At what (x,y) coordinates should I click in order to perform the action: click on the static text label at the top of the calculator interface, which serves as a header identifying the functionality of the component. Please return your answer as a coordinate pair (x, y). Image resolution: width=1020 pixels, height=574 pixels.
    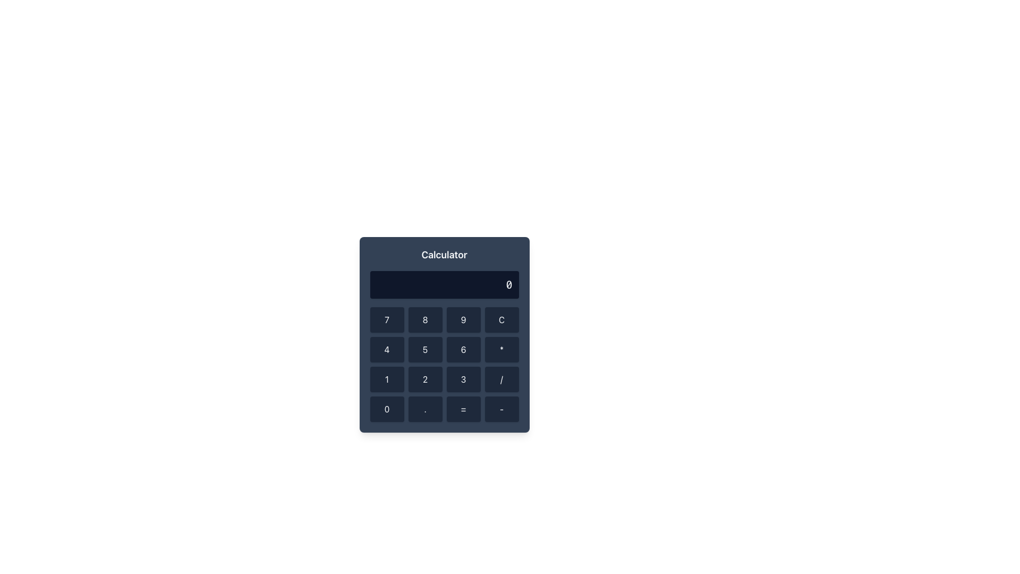
    Looking at the image, I should click on (444, 255).